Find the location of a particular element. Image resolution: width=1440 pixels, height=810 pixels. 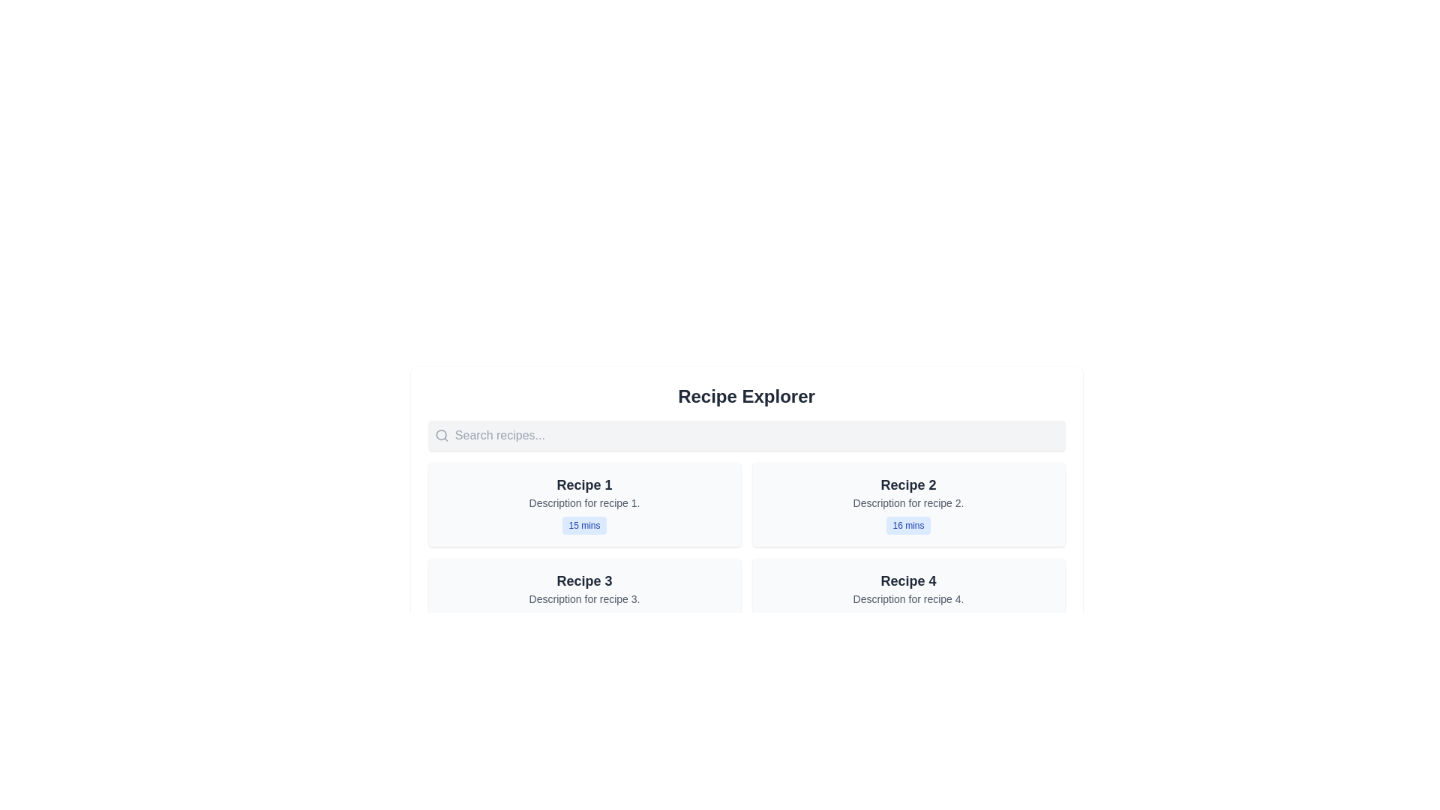

the Text Label displaying 'Recipe 4' in bold and large font, located at the top of a card in the bottom-right corner of a 2x2 grid of recipe cards is located at coordinates (907, 580).